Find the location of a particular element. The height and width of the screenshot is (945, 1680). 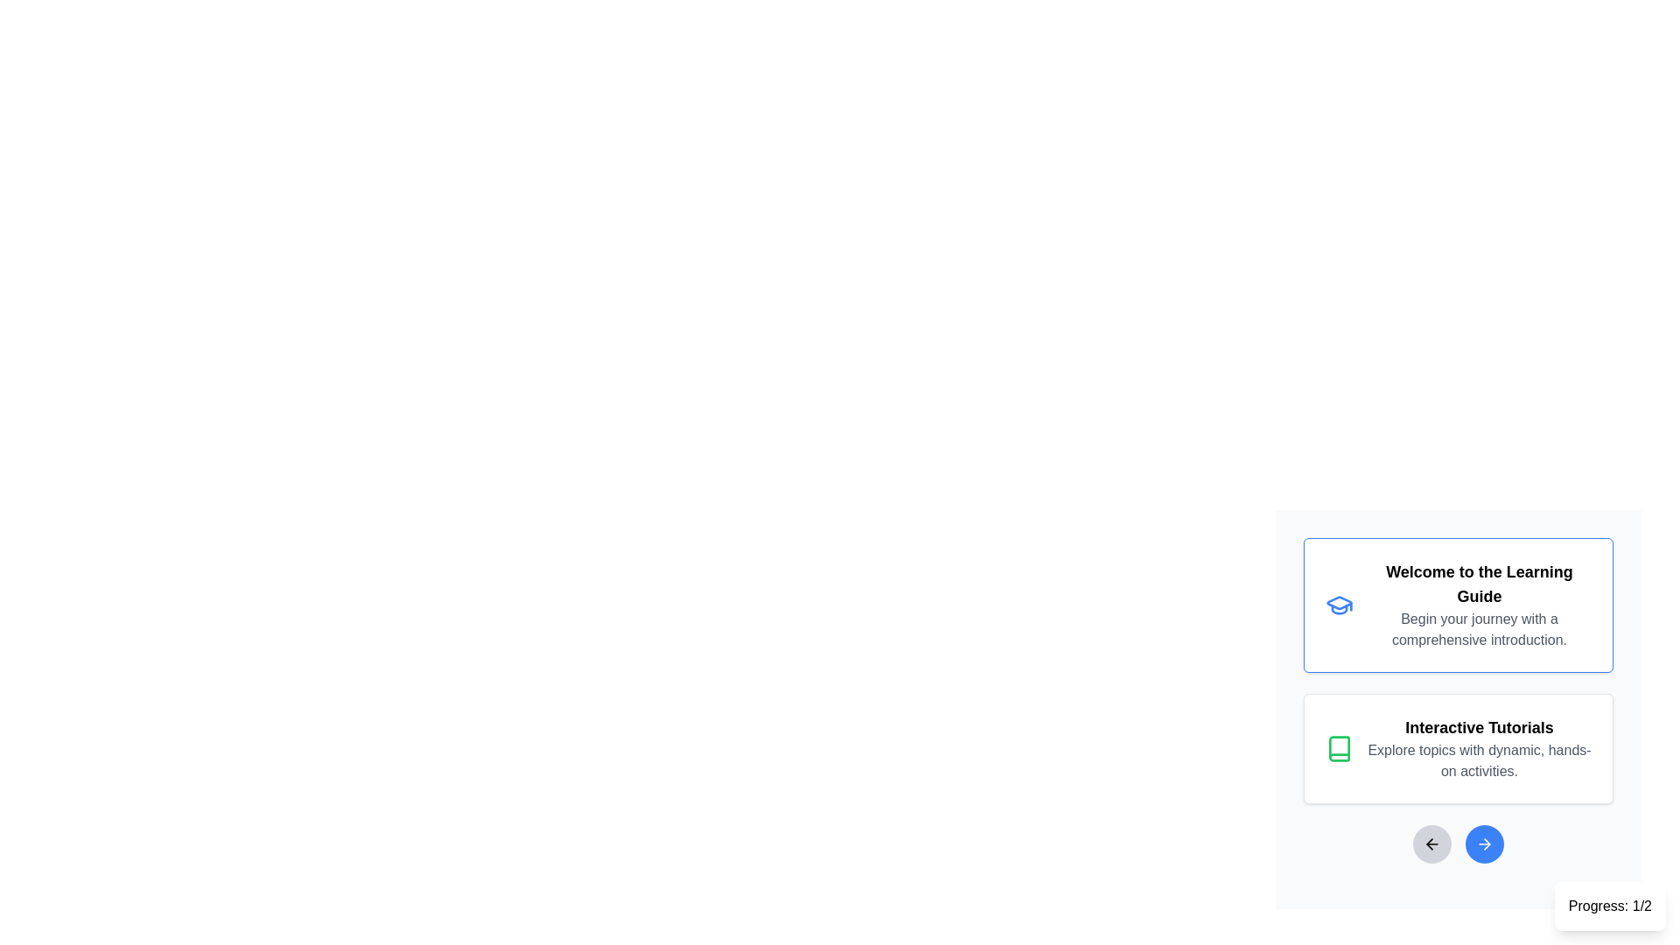

the Text Block element with a white background and blue border that contains the text 'Welcome to the Learning Guide' and 'Begin your journey with a comprehensive introduction' is located at coordinates (1478, 604).